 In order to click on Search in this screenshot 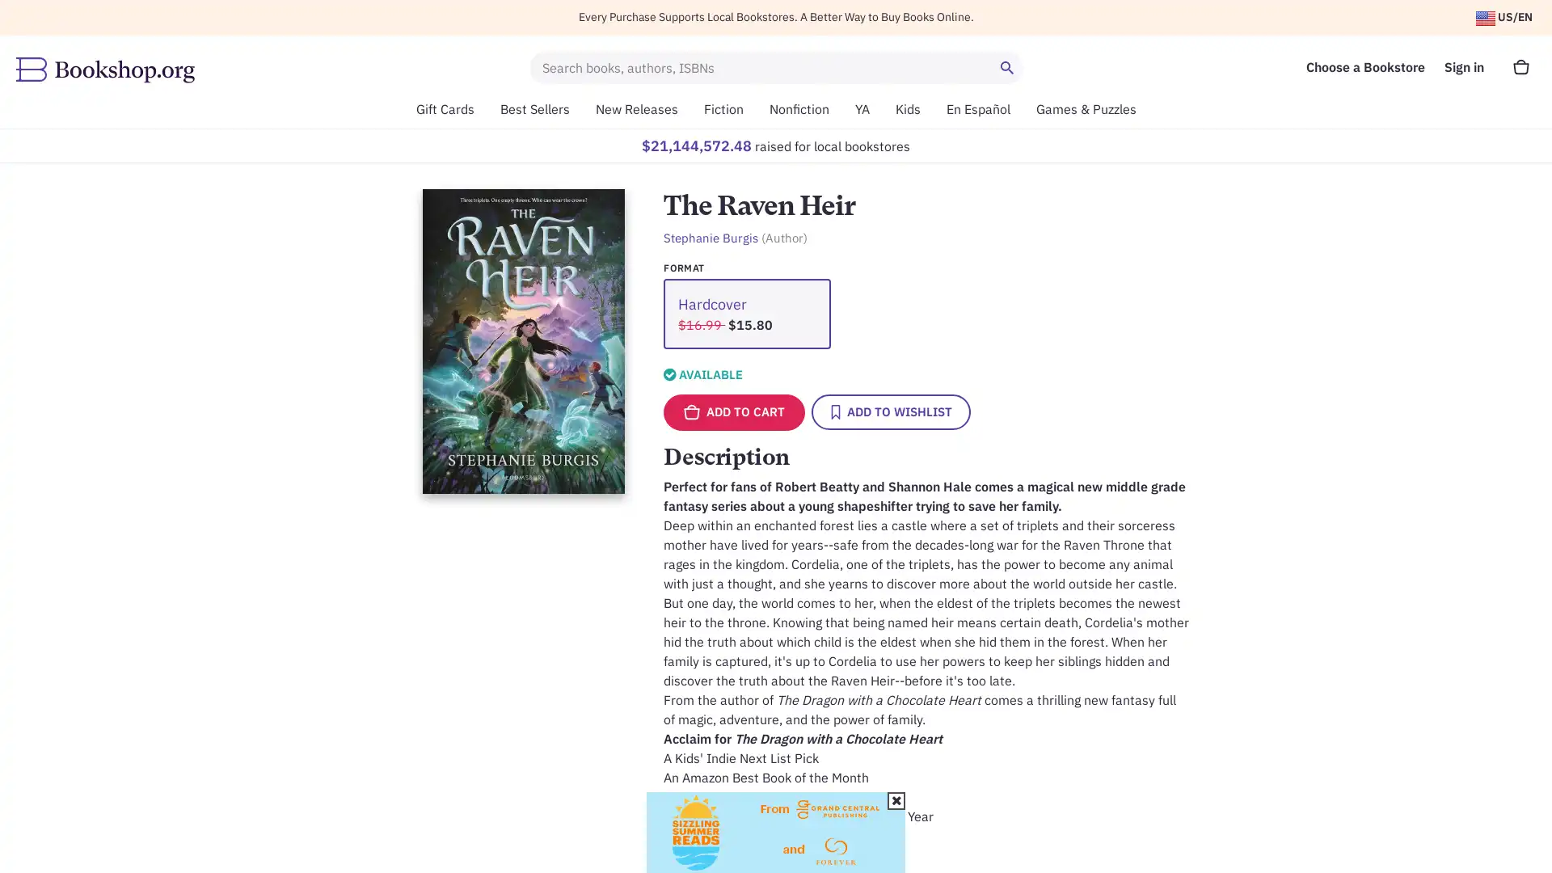, I will do `click(1008, 66)`.